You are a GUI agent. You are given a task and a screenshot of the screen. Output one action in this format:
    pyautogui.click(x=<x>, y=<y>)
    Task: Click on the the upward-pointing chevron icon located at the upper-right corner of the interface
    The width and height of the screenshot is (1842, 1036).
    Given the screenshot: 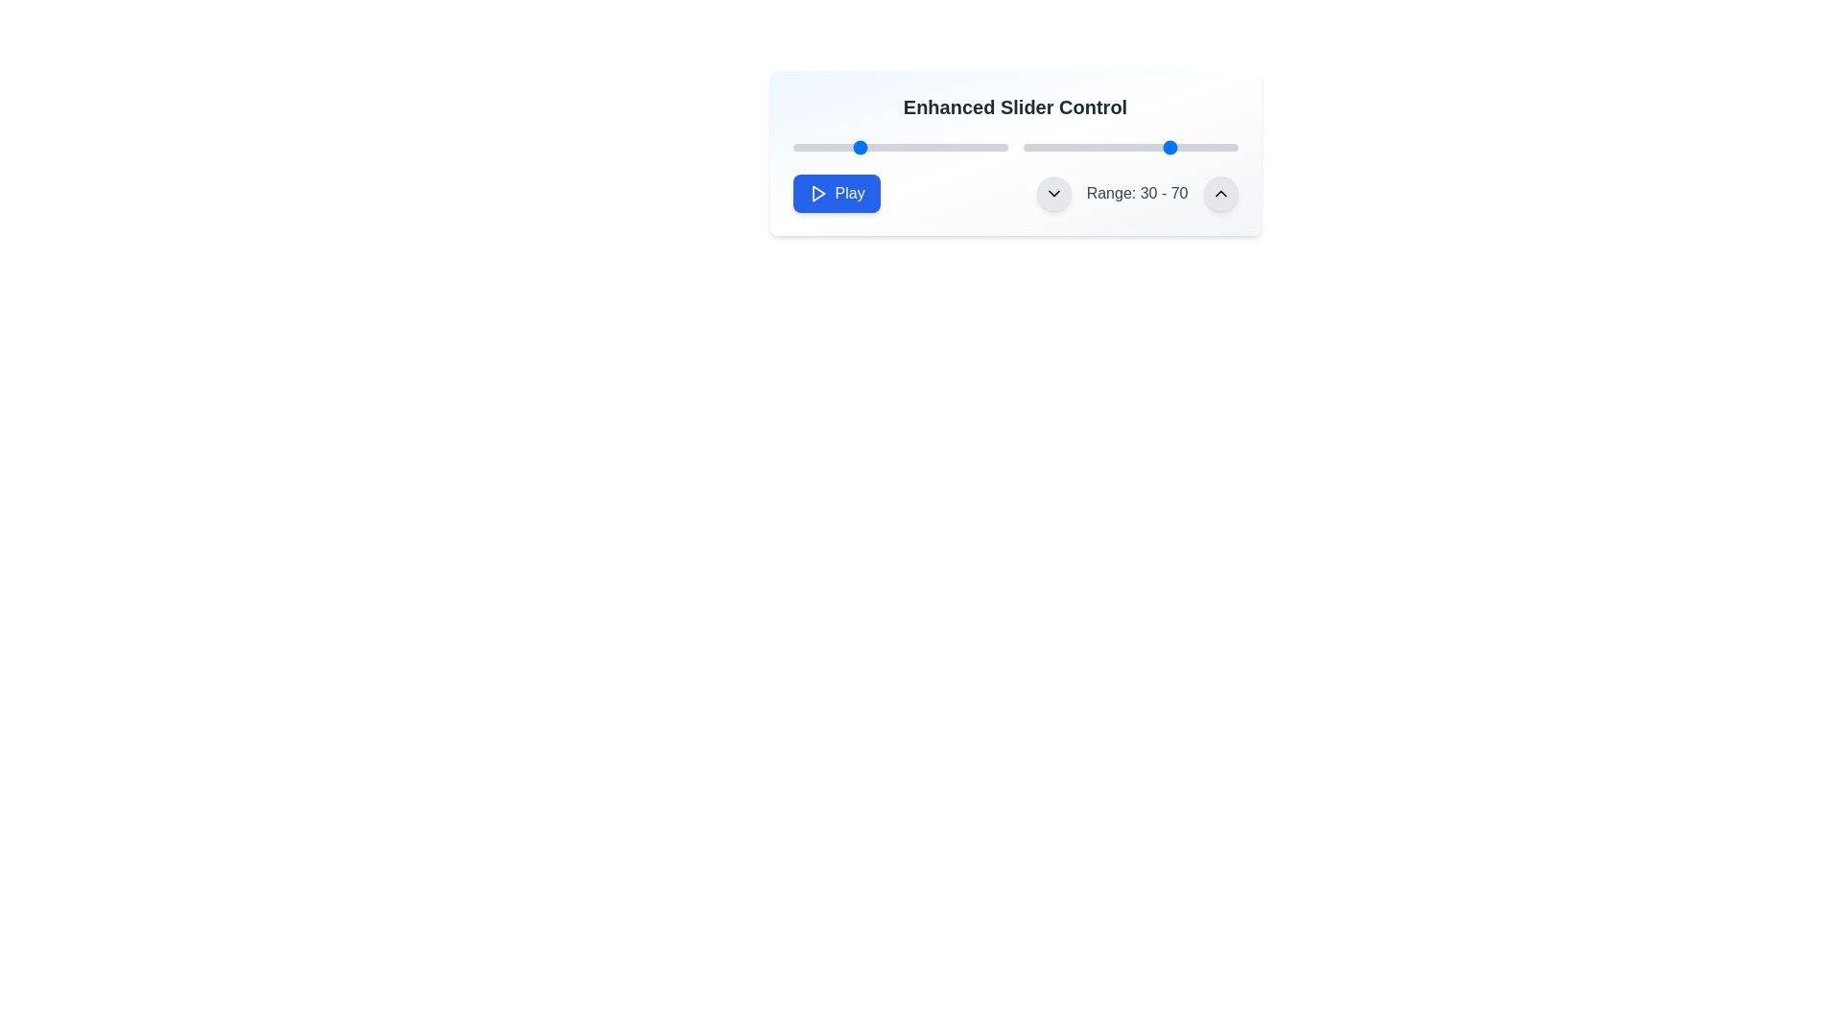 What is the action you would take?
    pyautogui.click(x=1219, y=193)
    